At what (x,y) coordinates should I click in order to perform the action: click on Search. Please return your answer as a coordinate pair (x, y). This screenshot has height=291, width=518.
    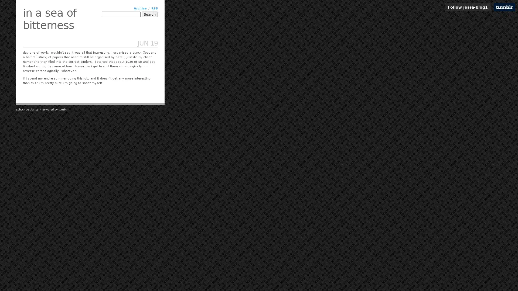
    Looking at the image, I should click on (150, 14).